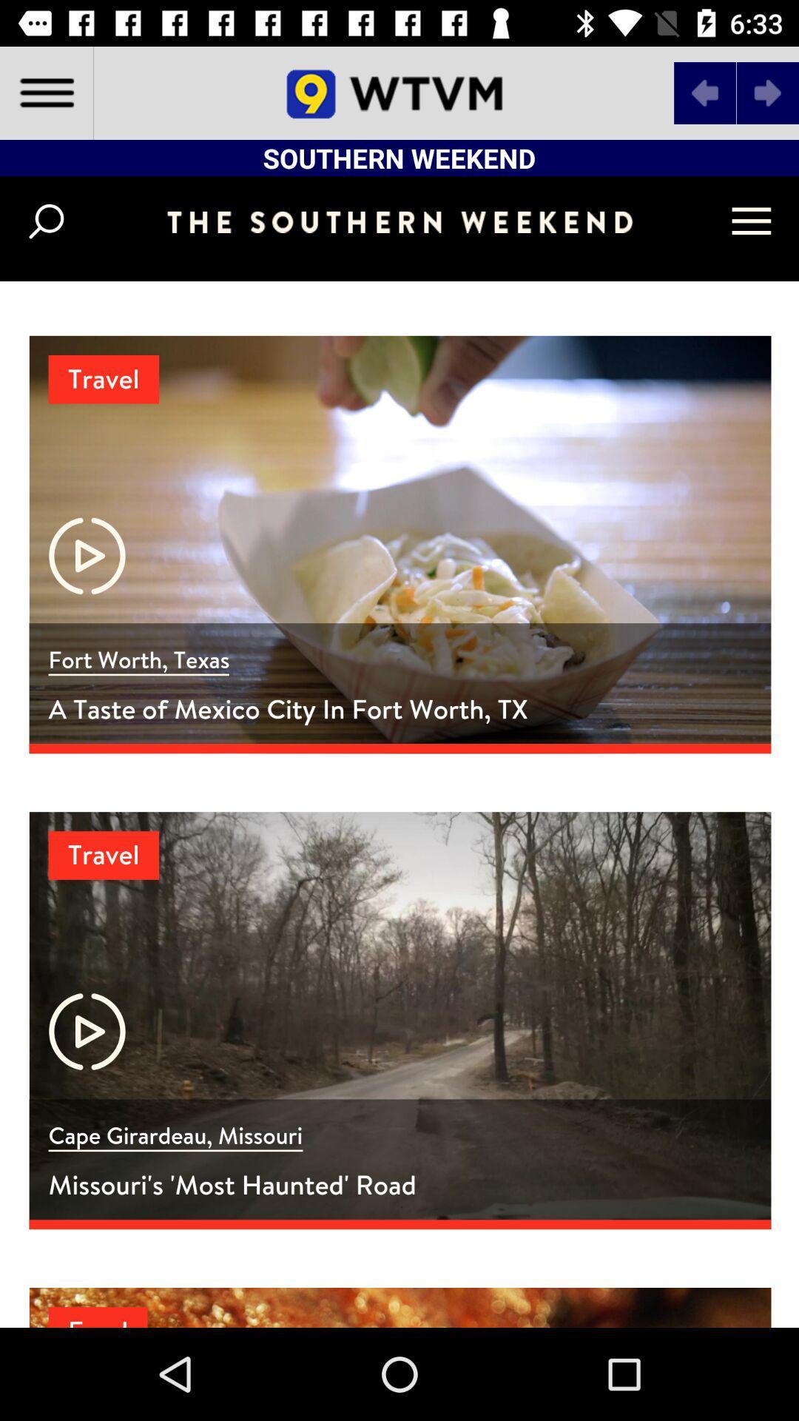 The width and height of the screenshot is (799, 1421). What do you see at coordinates (45, 92) in the screenshot?
I see `the menu icon` at bounding box center [45, 92].